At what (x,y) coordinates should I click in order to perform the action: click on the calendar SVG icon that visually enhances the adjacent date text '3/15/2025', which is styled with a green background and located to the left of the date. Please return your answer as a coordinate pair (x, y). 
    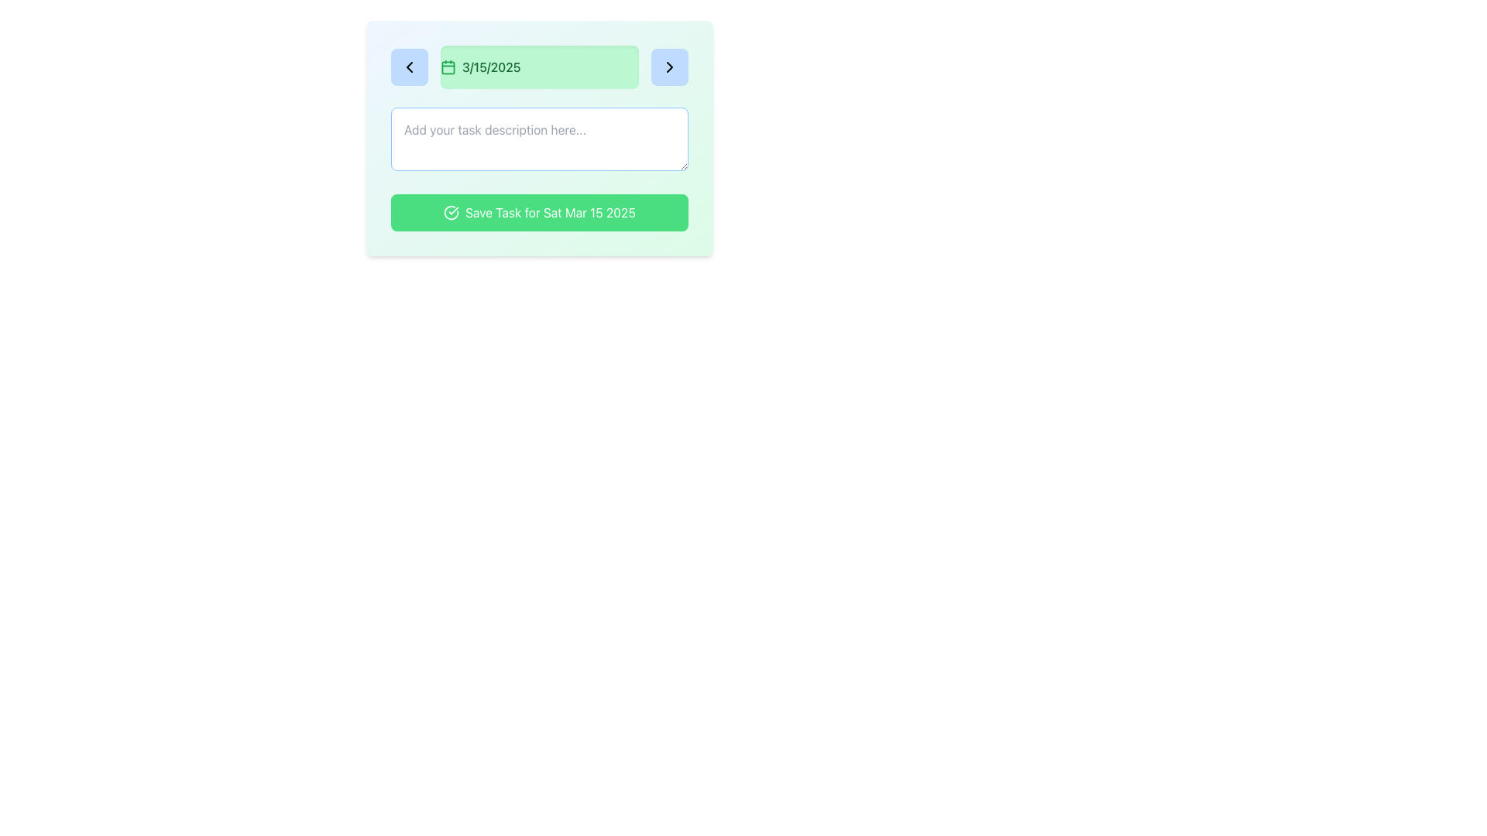
    Looking at the image, I should click on (448, 67).